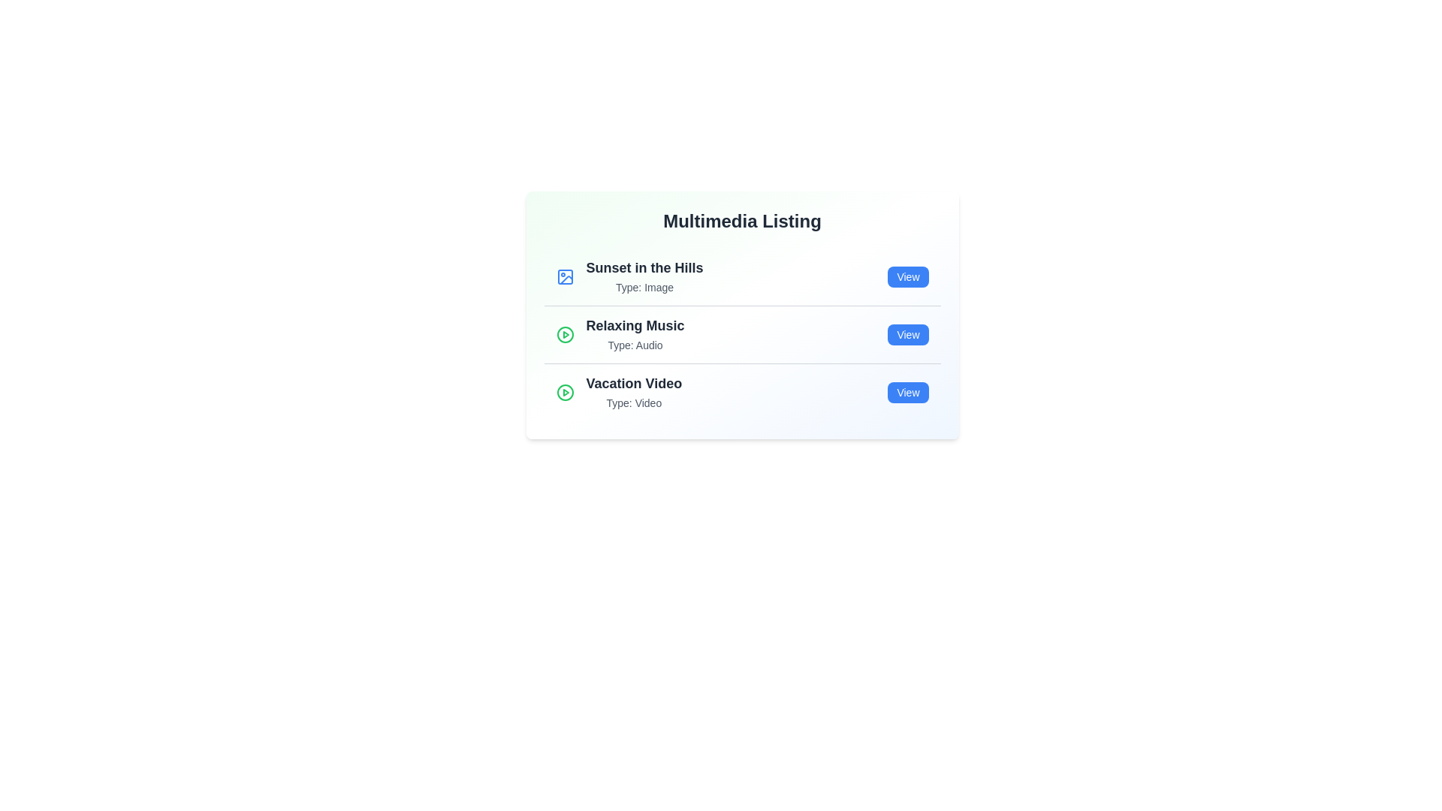  Describe the element at coordinates (742, 333) in the screenshot. I see `the list item corresponding to Relaxing Music` at that location.